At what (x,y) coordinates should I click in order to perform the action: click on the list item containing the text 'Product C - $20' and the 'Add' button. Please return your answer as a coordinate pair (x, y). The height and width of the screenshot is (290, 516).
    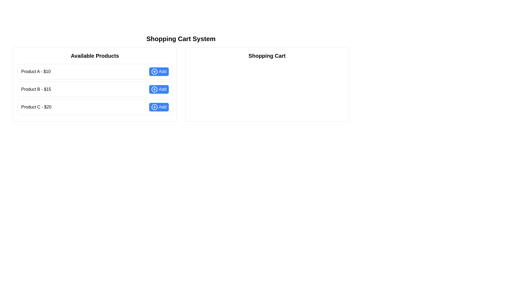
    Looking at the image, I should click on (95, 107).